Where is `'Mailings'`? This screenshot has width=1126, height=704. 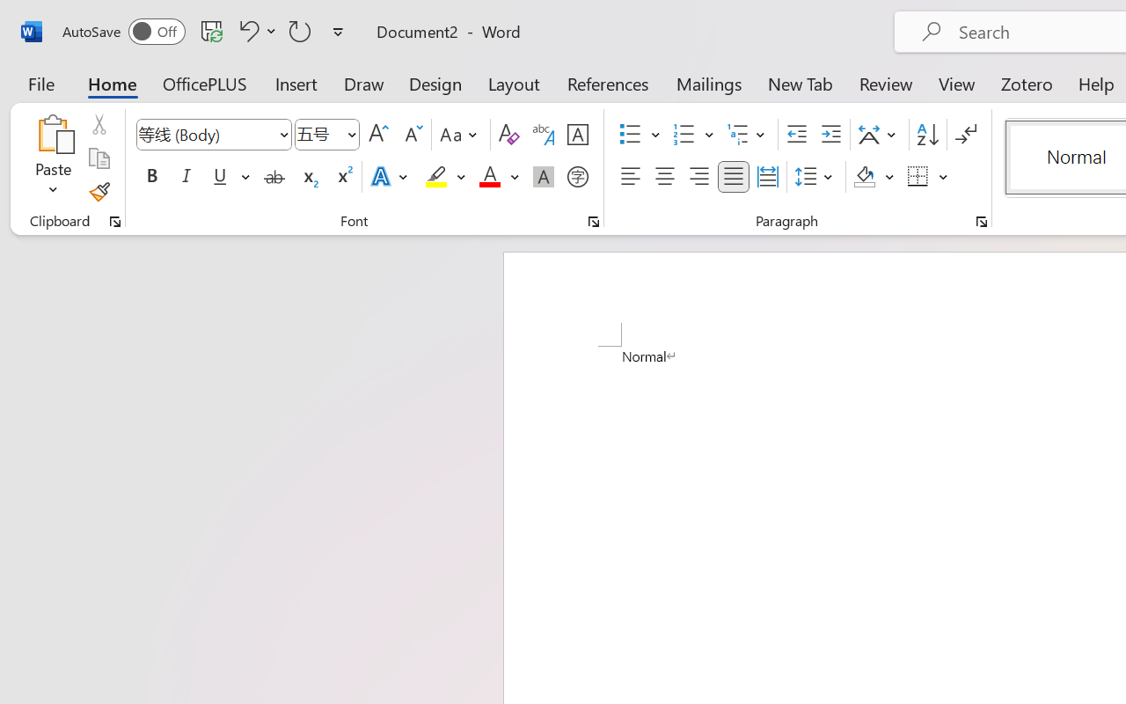
'Mailings' is located at coordinates (709, 83).